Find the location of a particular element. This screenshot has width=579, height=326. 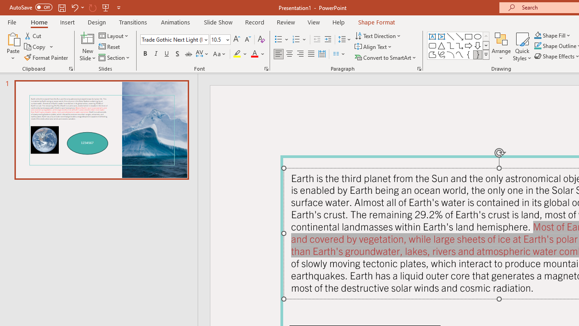

'Decrease Font Size' is located at coordinates (247, 39).